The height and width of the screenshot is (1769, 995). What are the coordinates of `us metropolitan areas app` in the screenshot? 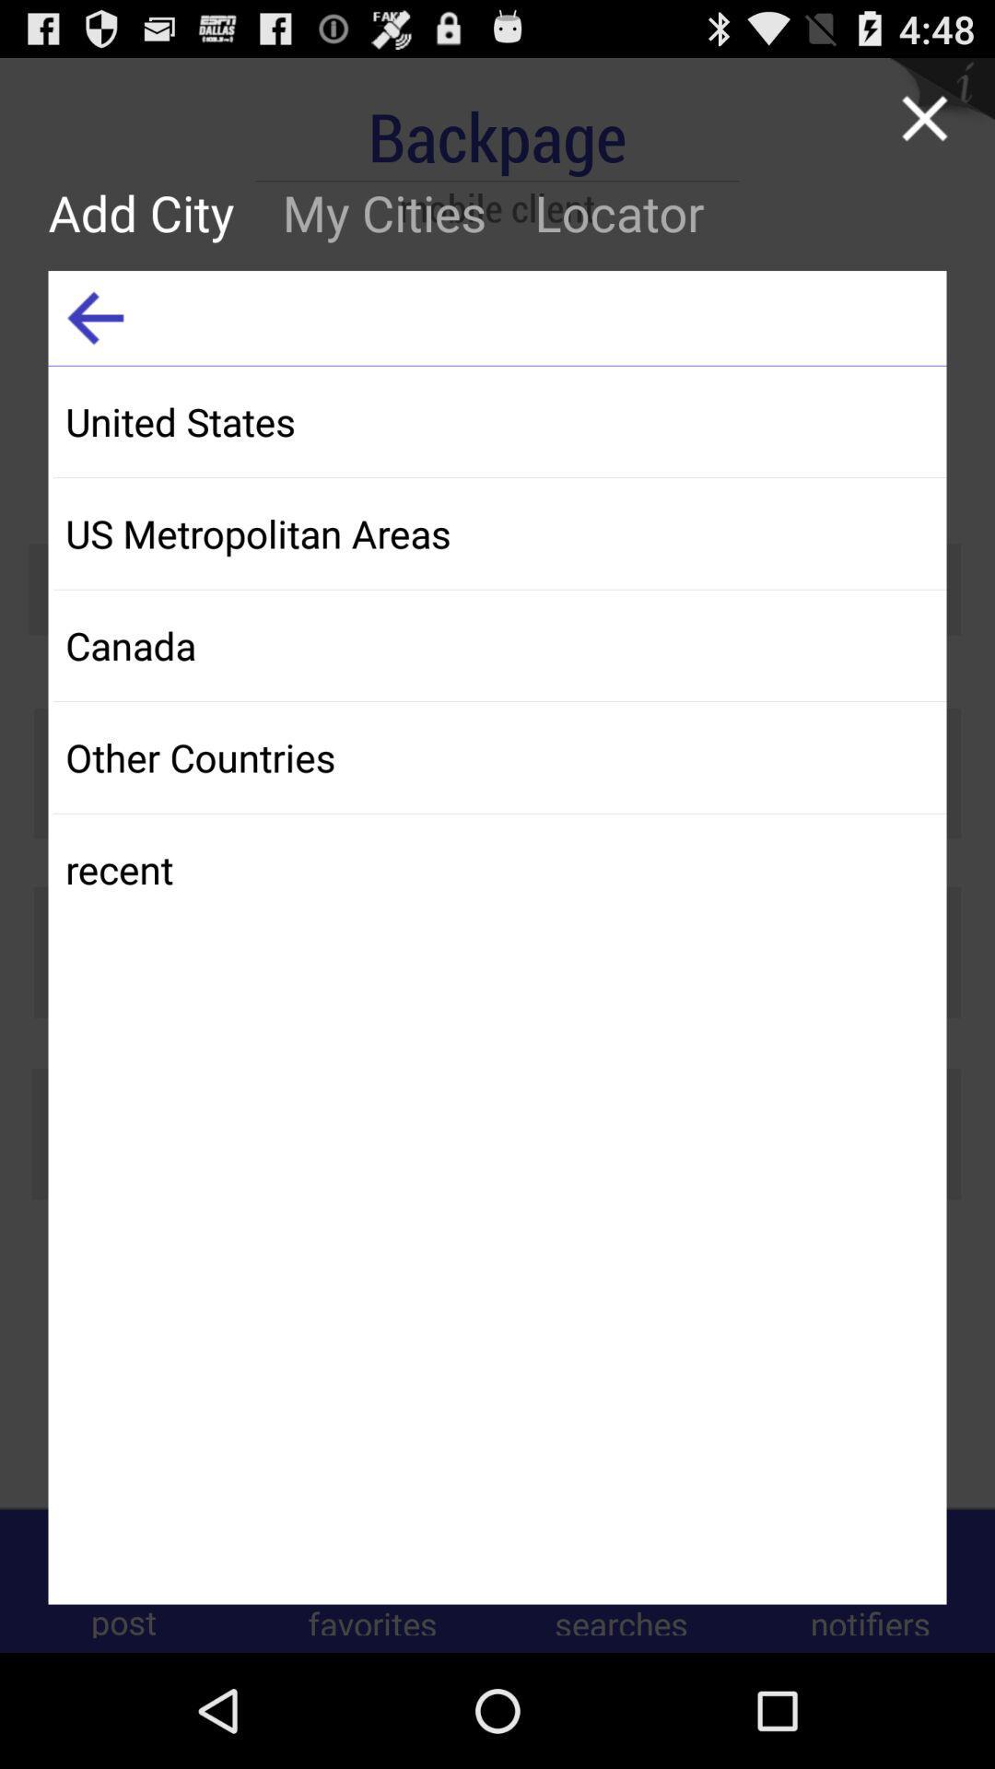 It's located at (499, 533).